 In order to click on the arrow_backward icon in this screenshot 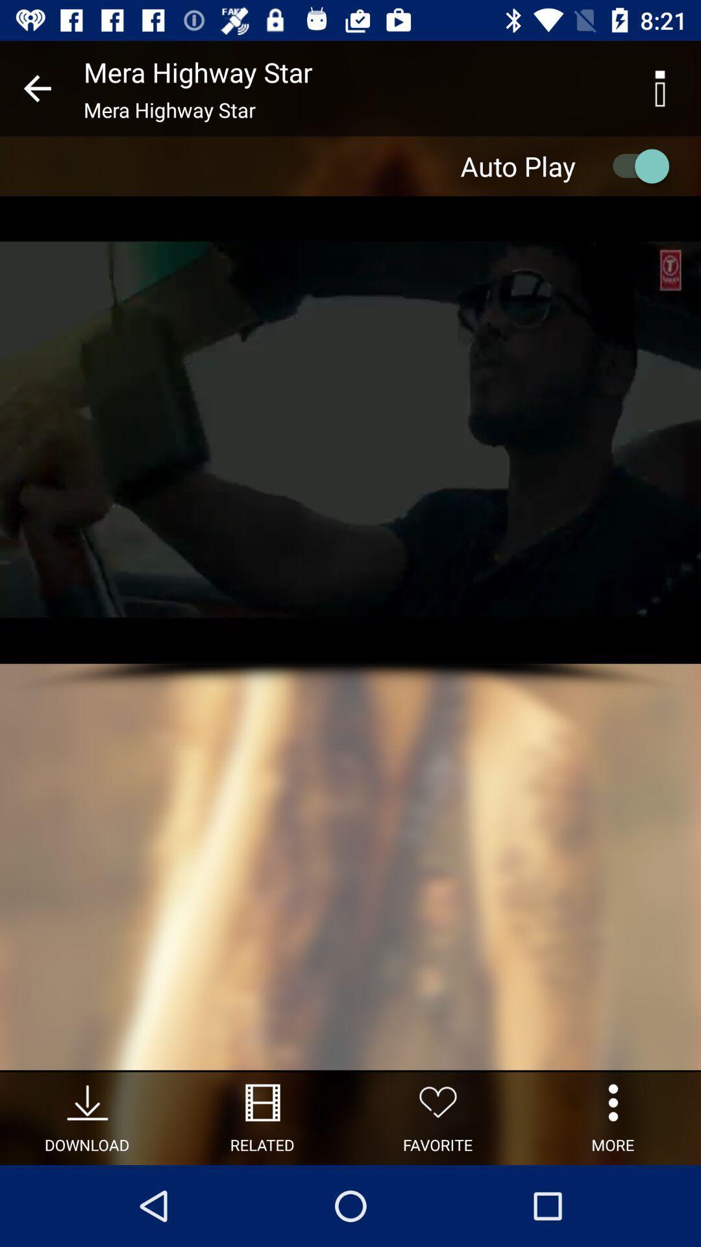, I will do `click(36, 88)`.